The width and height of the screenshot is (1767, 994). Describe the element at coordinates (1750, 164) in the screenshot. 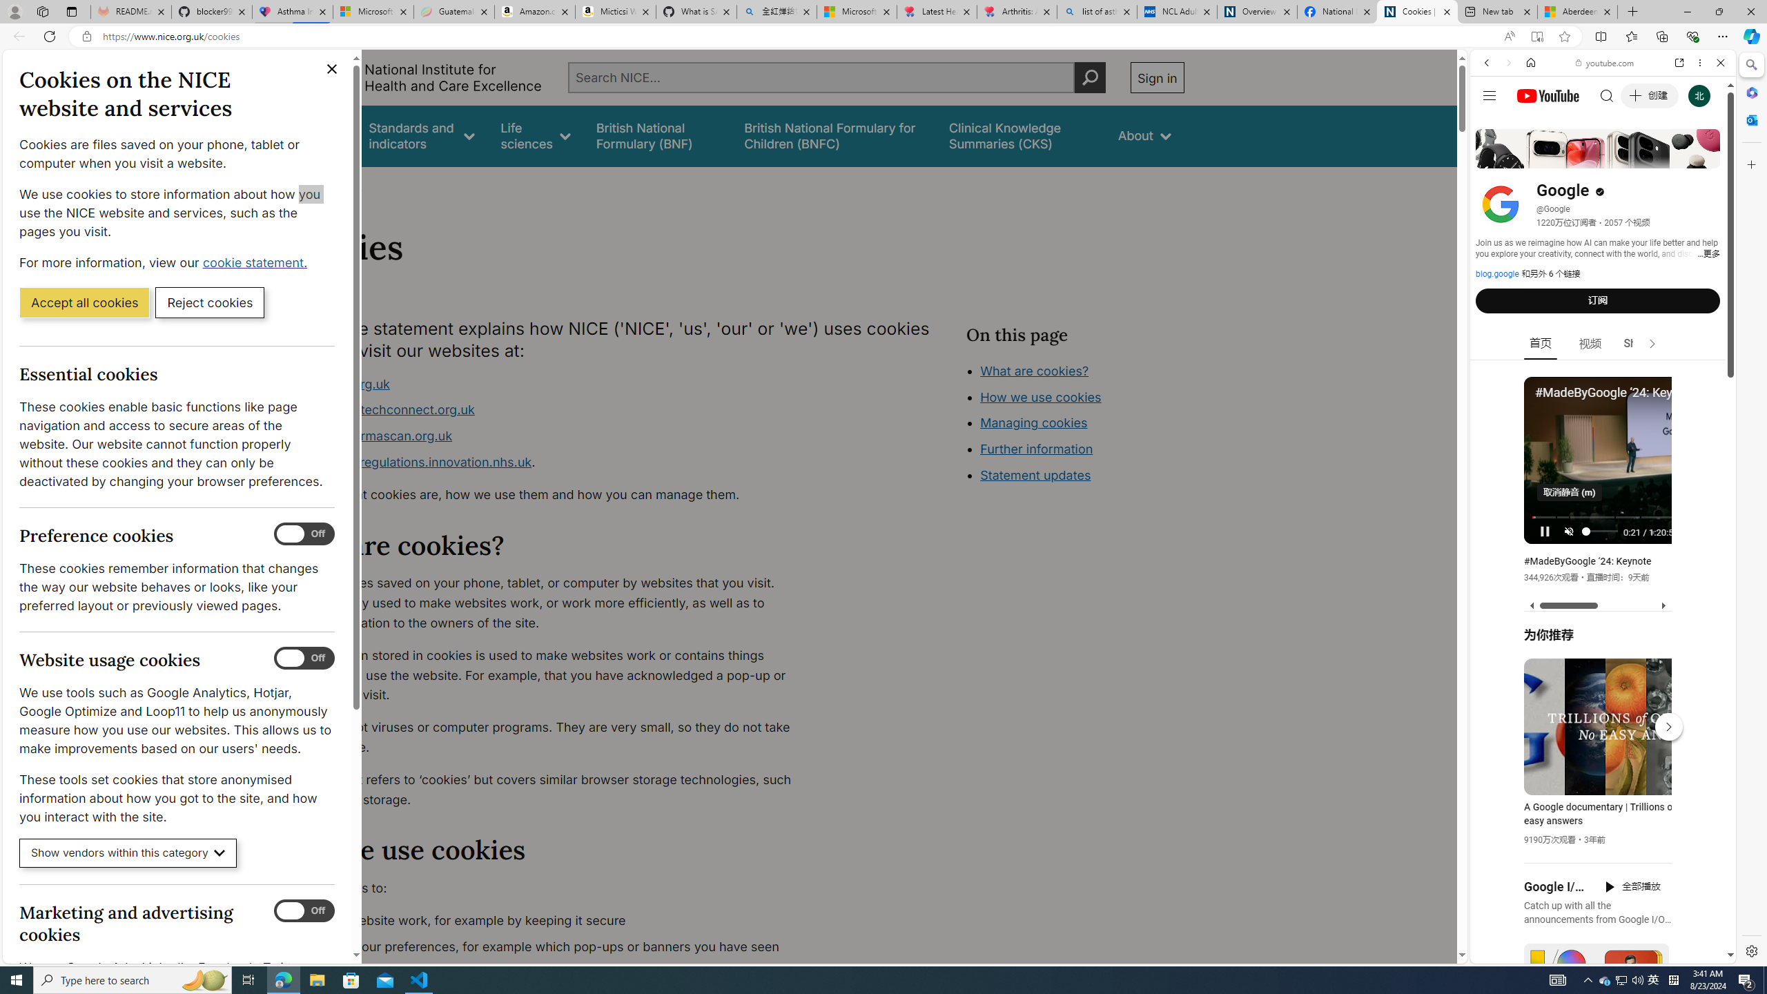

I see `'Close Customize pane'` at that location.